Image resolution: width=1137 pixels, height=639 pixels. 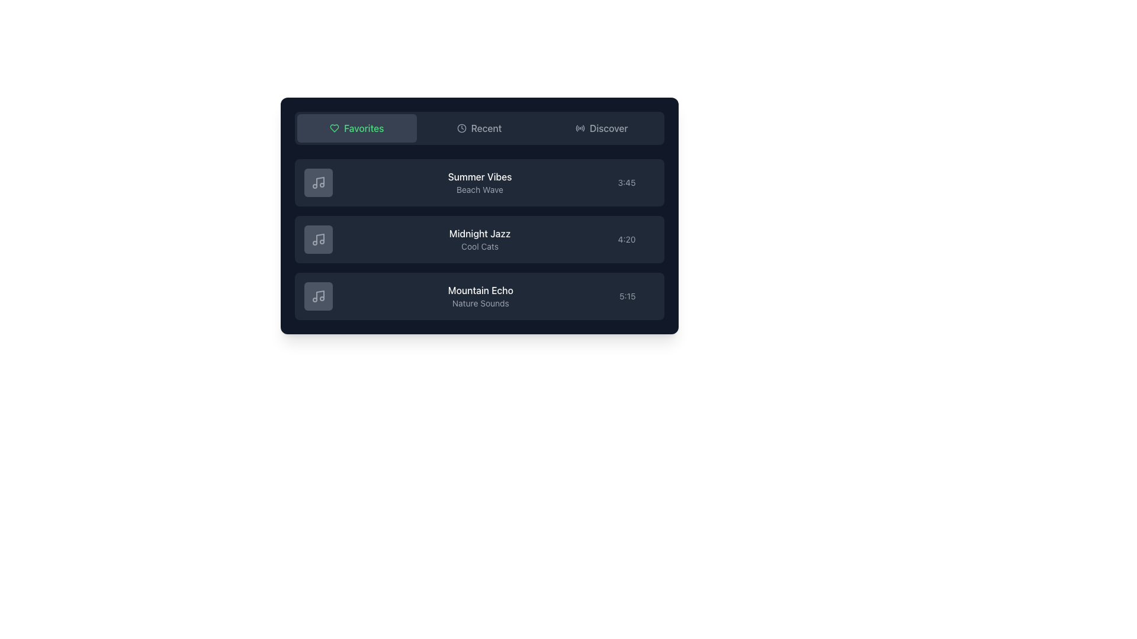 What do you see at coordinates (461, 128) in the screenshot?
I see `the 'Recent' tab by clicking on the clock icon that is part of the tab, which is centrally positioned among three tabs` at bounding box center [461, 128].